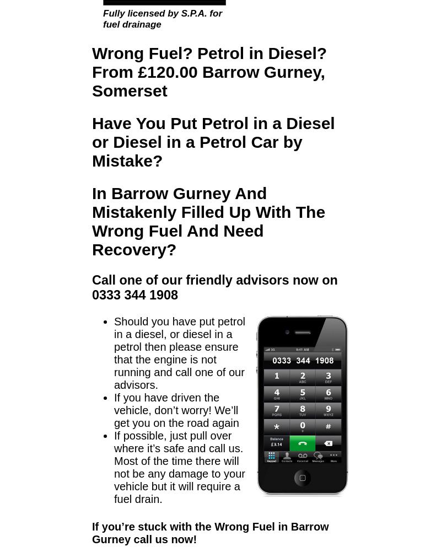 The image size is (441, 557). I want to click on 'If possible, just pull over where it’s safe and call us. Most of the time there will not be any damage to your vehicle but it will require a fuel drain.', so click(114, 467).